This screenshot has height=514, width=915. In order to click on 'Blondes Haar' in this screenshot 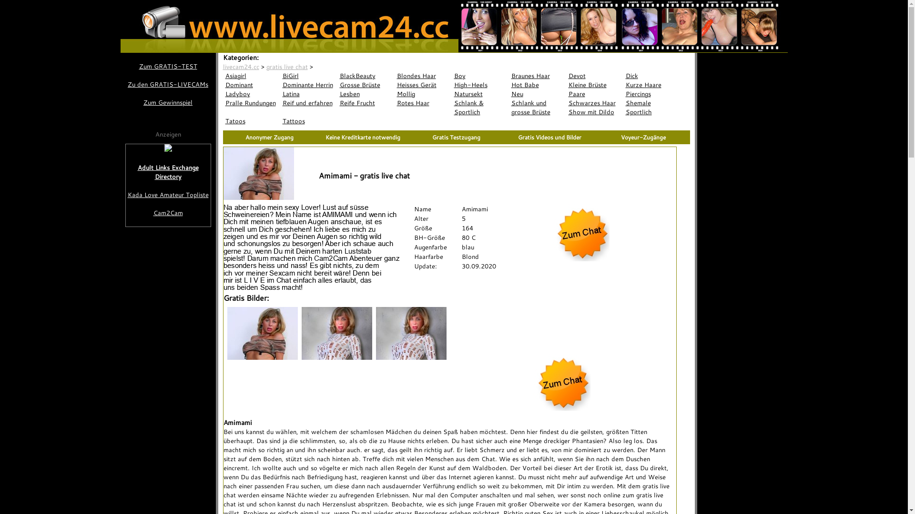, I will do `click(423, 75)`.